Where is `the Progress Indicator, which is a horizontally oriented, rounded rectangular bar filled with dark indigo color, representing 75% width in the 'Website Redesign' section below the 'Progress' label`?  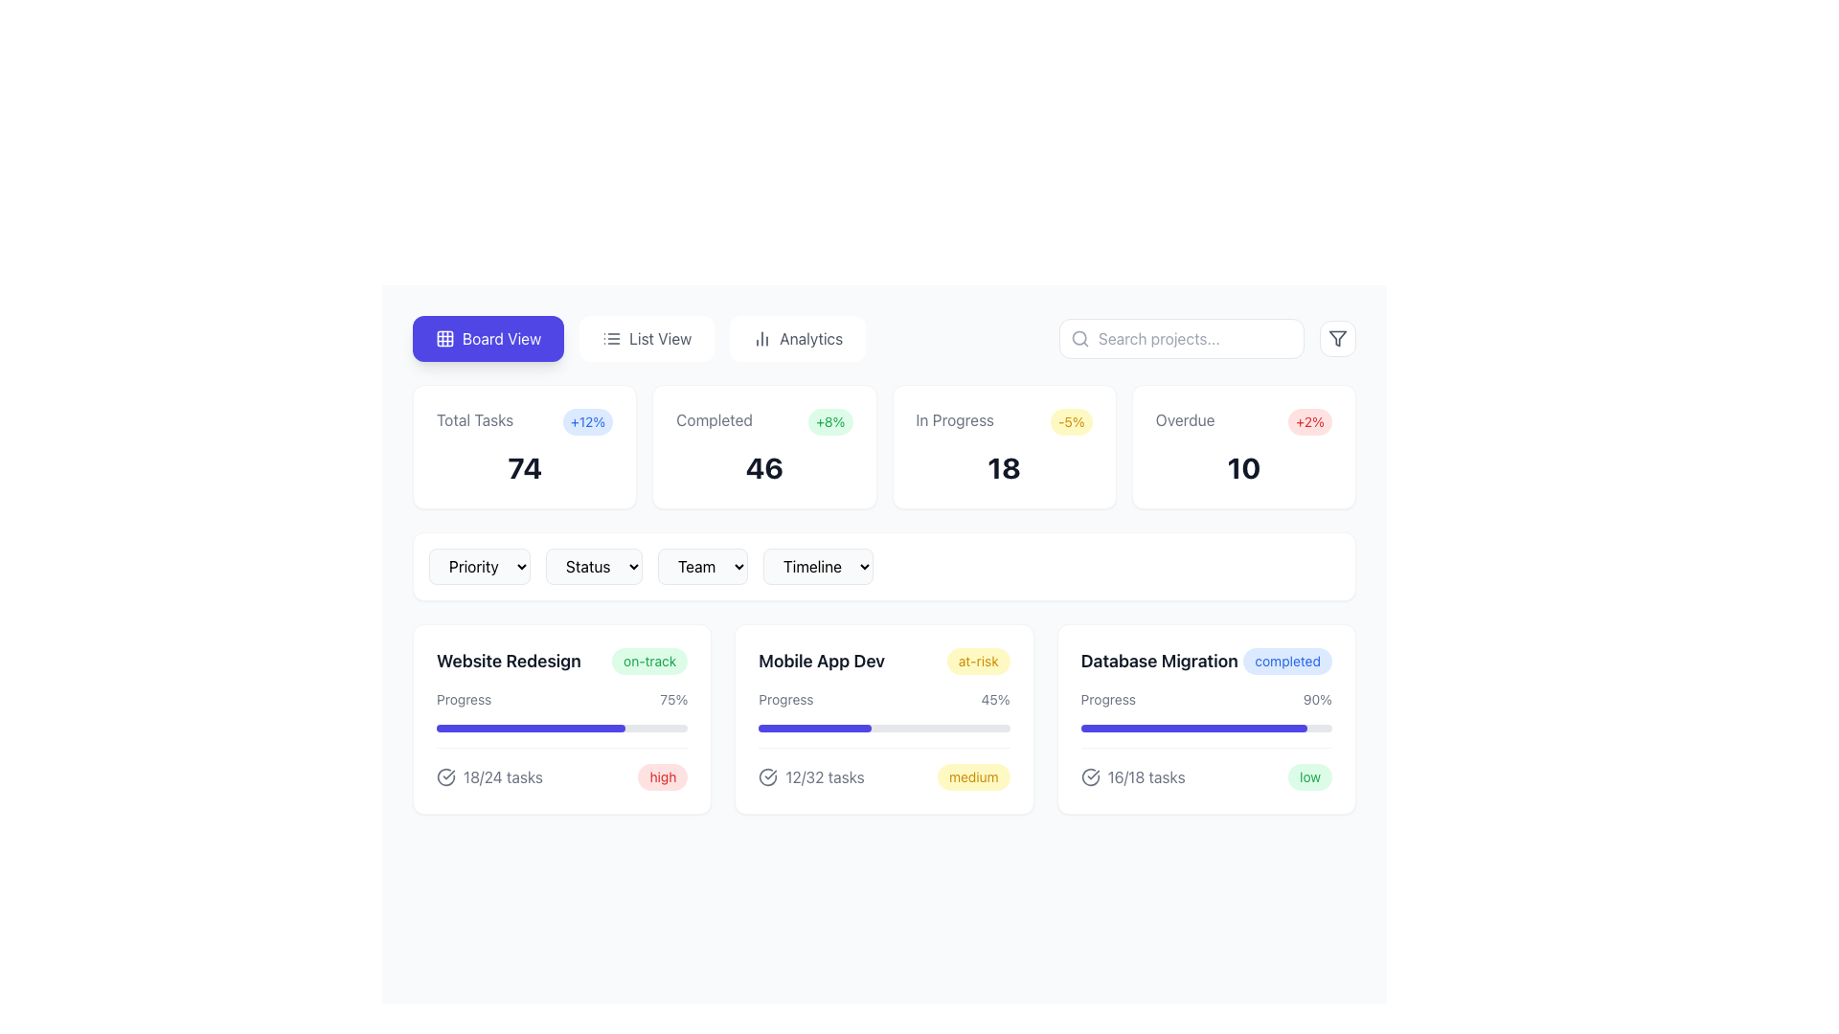 the Progress Indicator, which is a horizontally oriented, rounded rectangular bar filled with dark indigo color, representing 75% width in the 'Website Redesign' section below the 'Progress' label is located at coordinates (531, 728).